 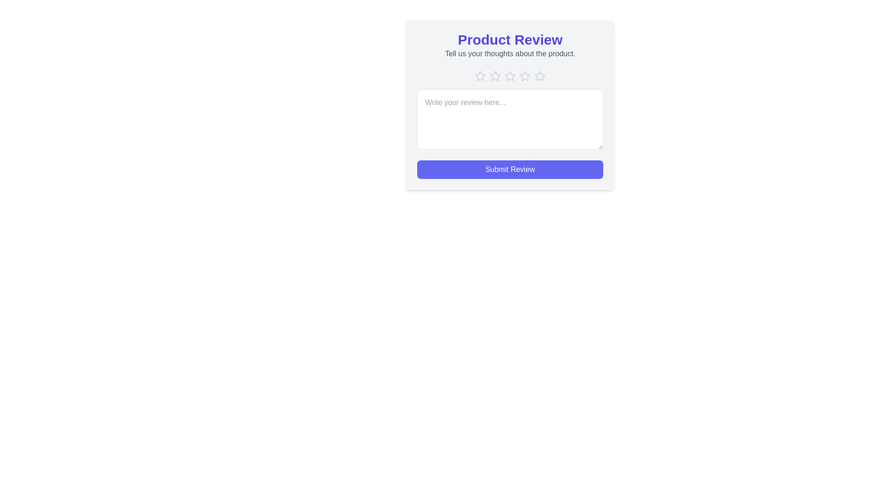 I want to click on the fifth star icon in the rating system below the 'Product Review' heading, so click(x=540, y=75).